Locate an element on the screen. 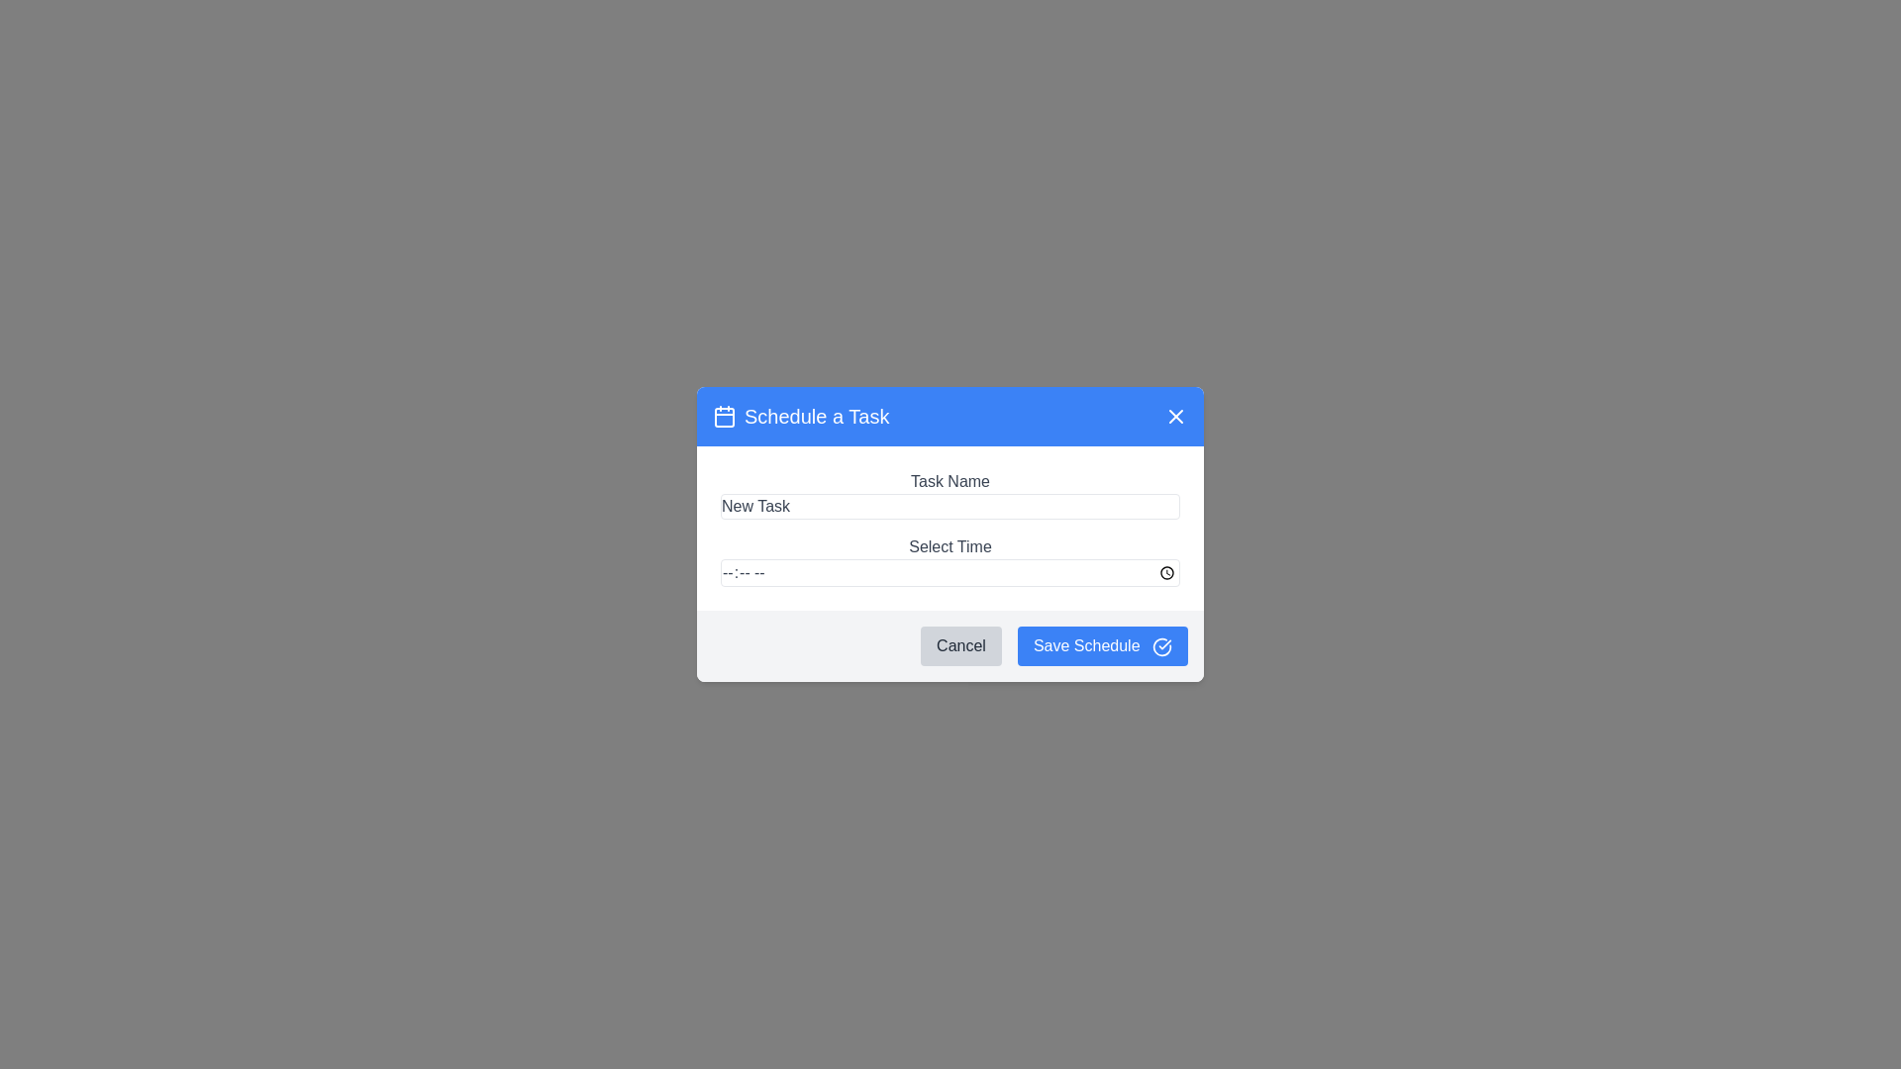  the Task Name text field to focus it is located at coordinates (950, 506).